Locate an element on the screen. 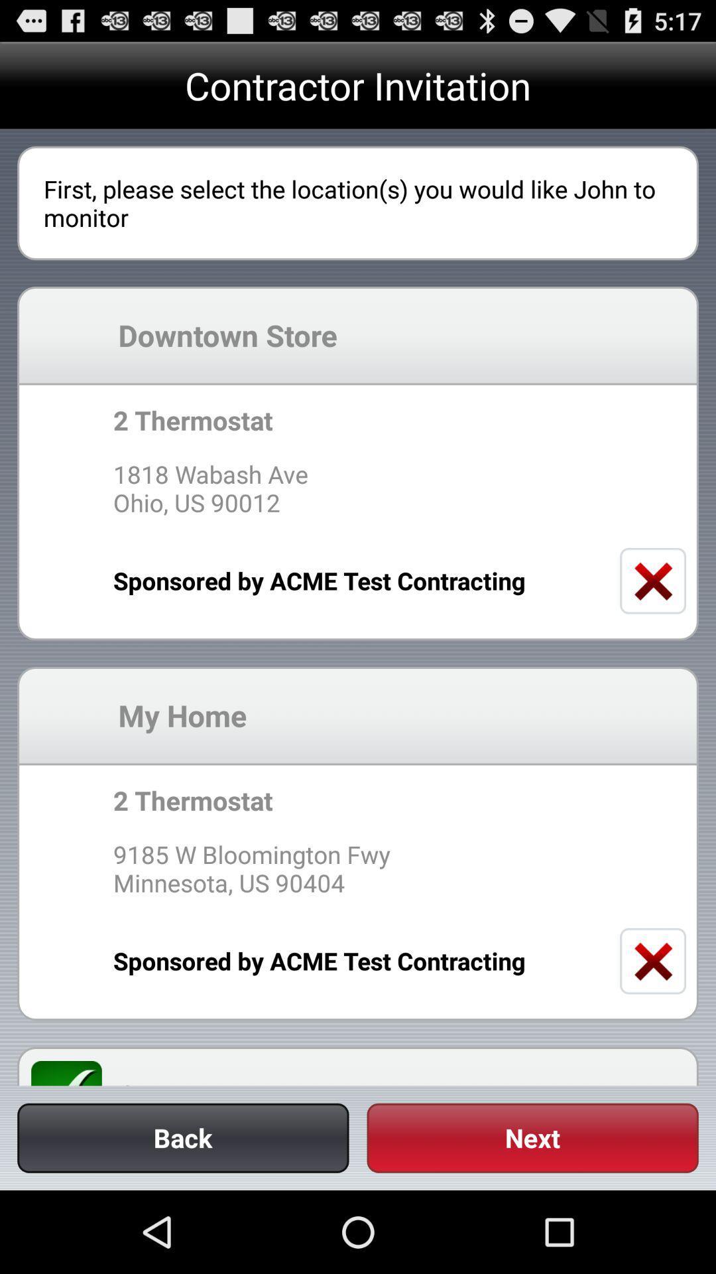 This screenshot has height=1274, width=716. 9185 w bloomington item is located at coordinates (358, 869).